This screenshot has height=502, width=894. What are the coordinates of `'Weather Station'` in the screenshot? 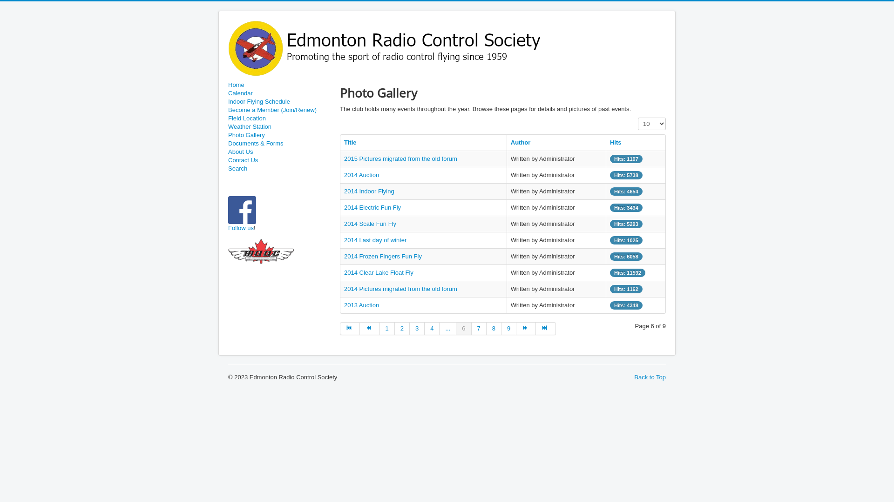 It's located at (279, 127).